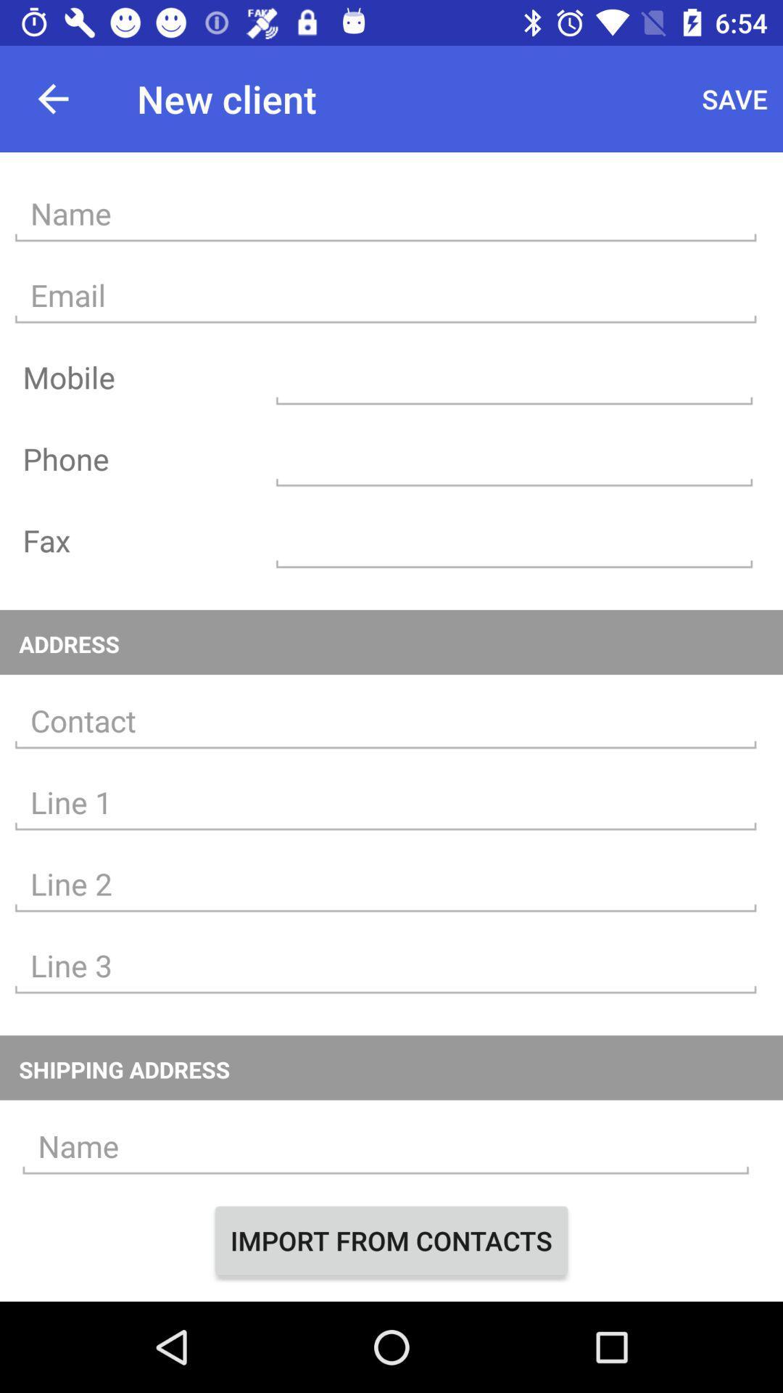 This screenshot has width=783, height=1393. I want to click on email, so click(385, 295).